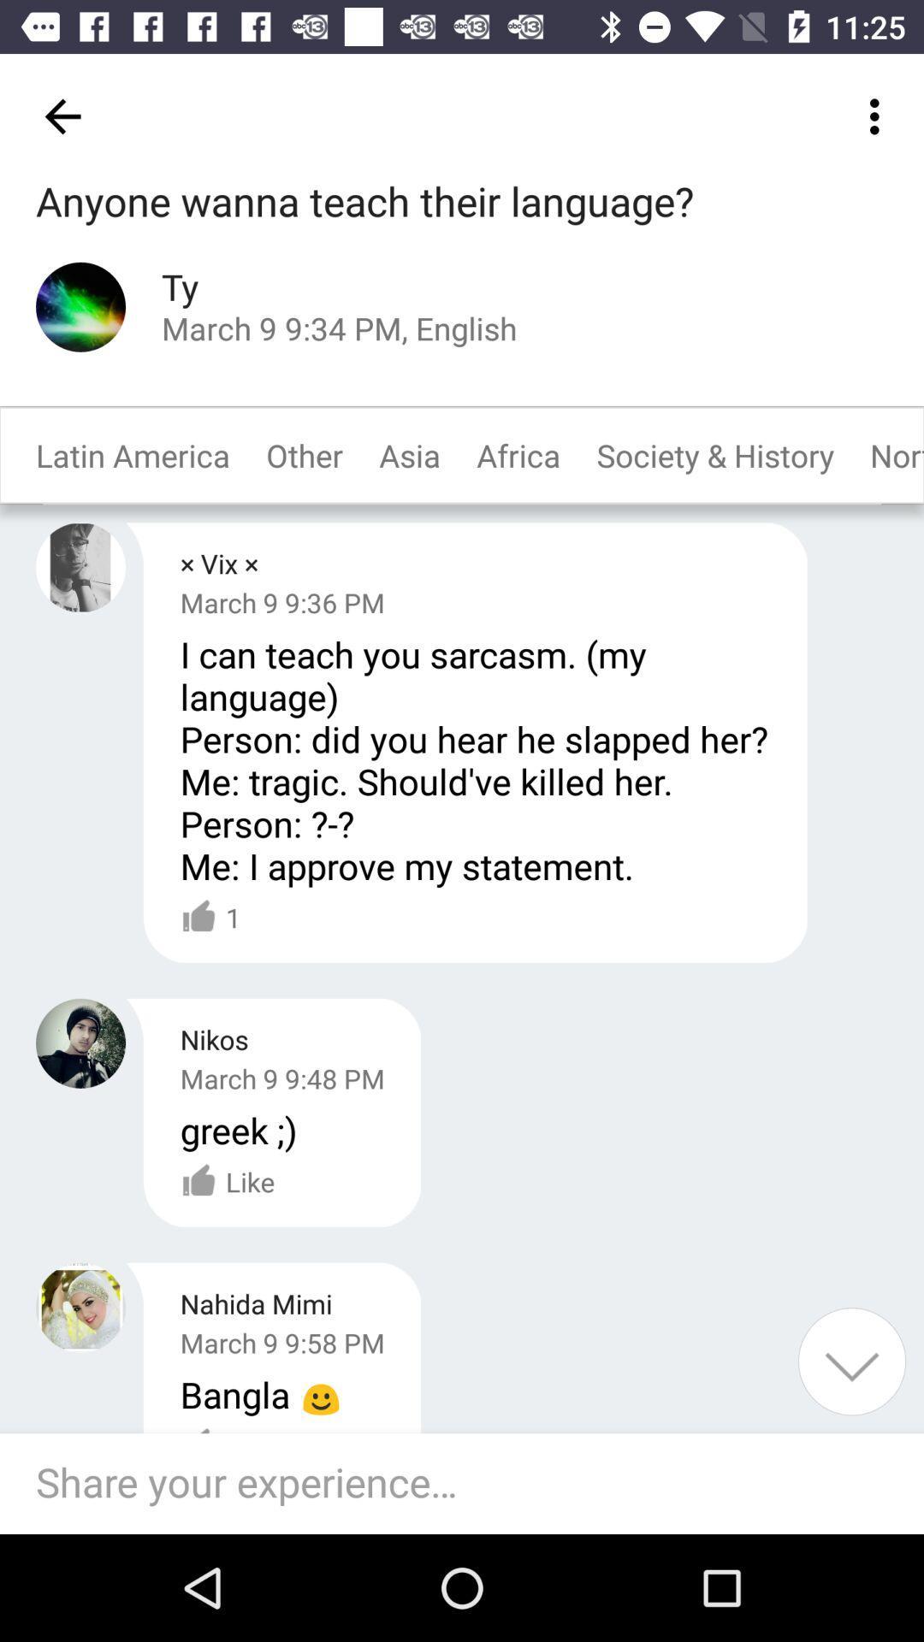  What do you see at coordinates (476, 759) in the screenshot?
I see `the i can teach` at bounding box center [476, 759].